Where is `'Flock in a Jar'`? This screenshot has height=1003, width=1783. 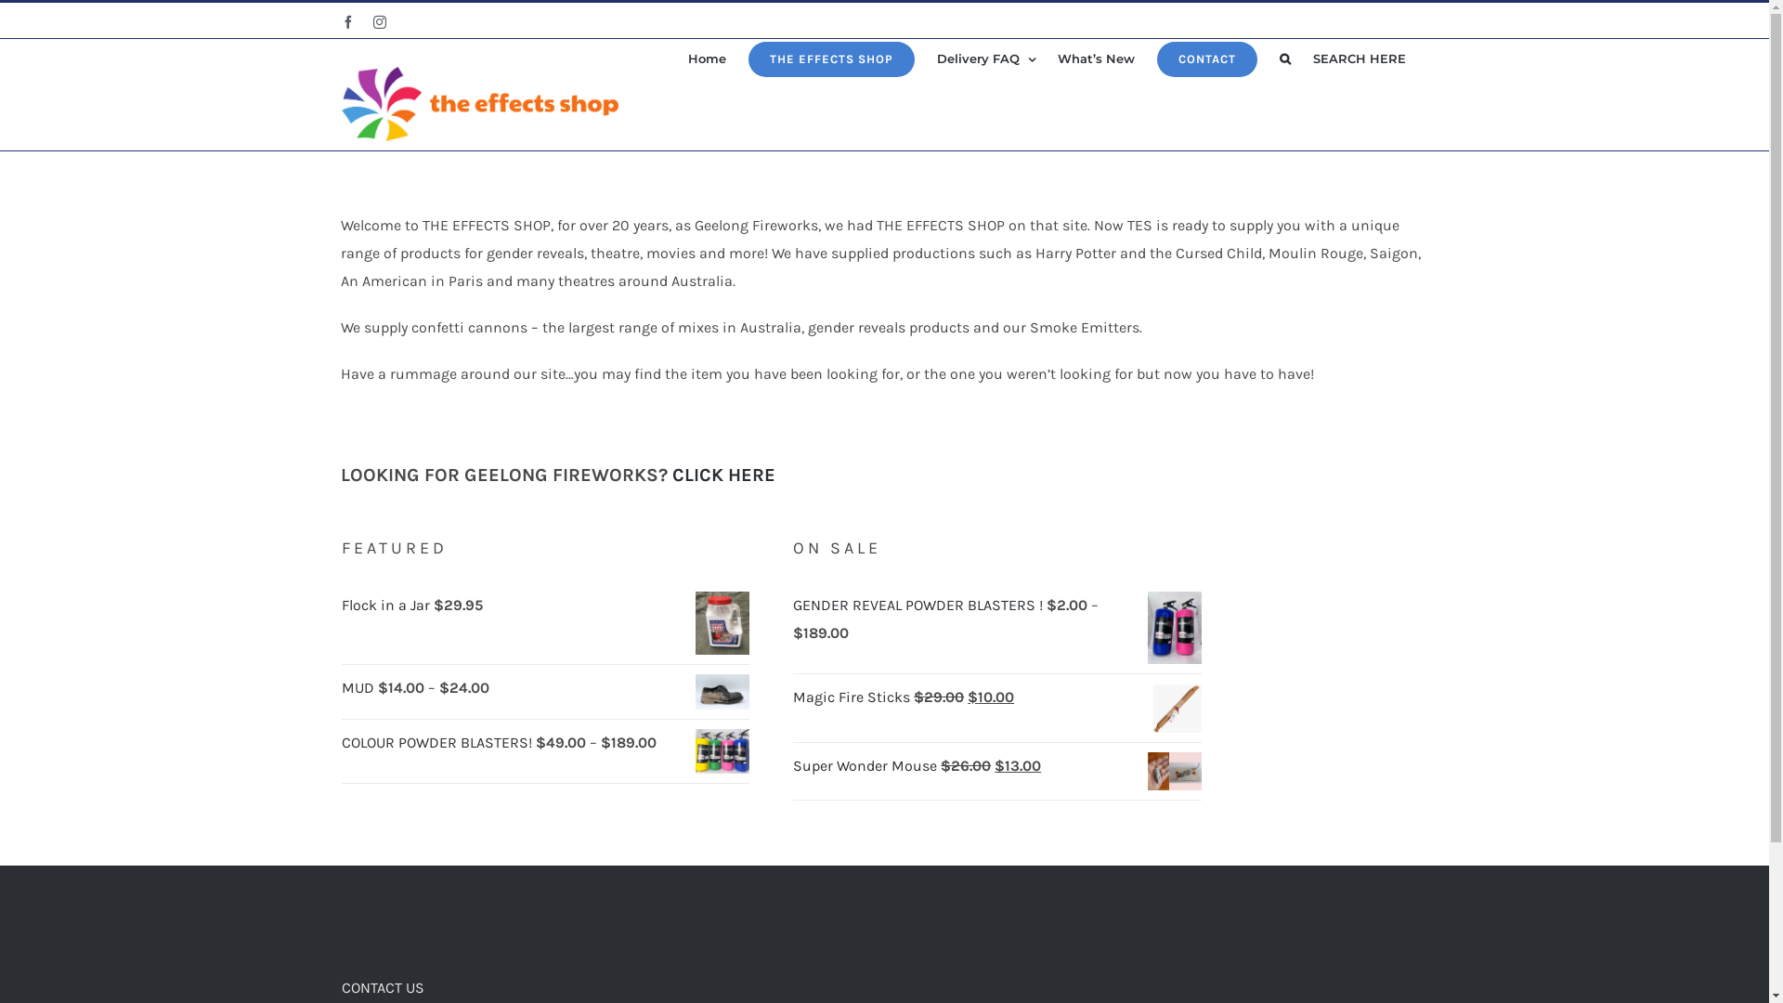 'Flock in a Jar' is located at coordinates (386, 605).